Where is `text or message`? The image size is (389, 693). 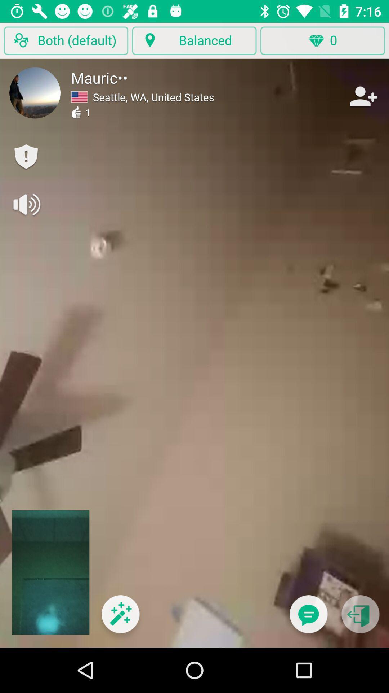
text or message is located at coordinates (308, 618).